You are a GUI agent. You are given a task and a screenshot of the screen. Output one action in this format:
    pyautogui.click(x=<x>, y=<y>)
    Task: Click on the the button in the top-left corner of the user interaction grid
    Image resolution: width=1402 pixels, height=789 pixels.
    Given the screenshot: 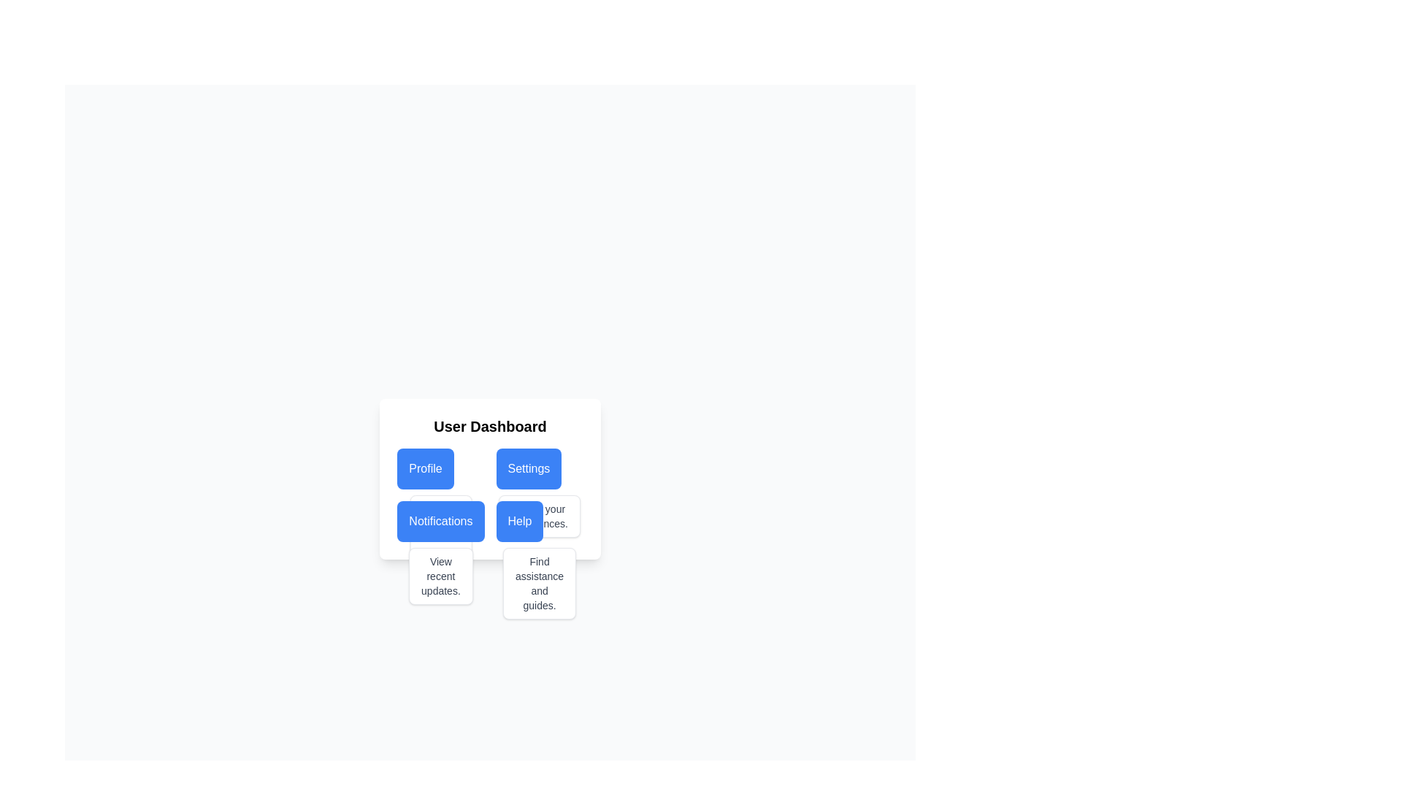 What is the action you would take?
    pyautogui.click(x=424, y=468)
    